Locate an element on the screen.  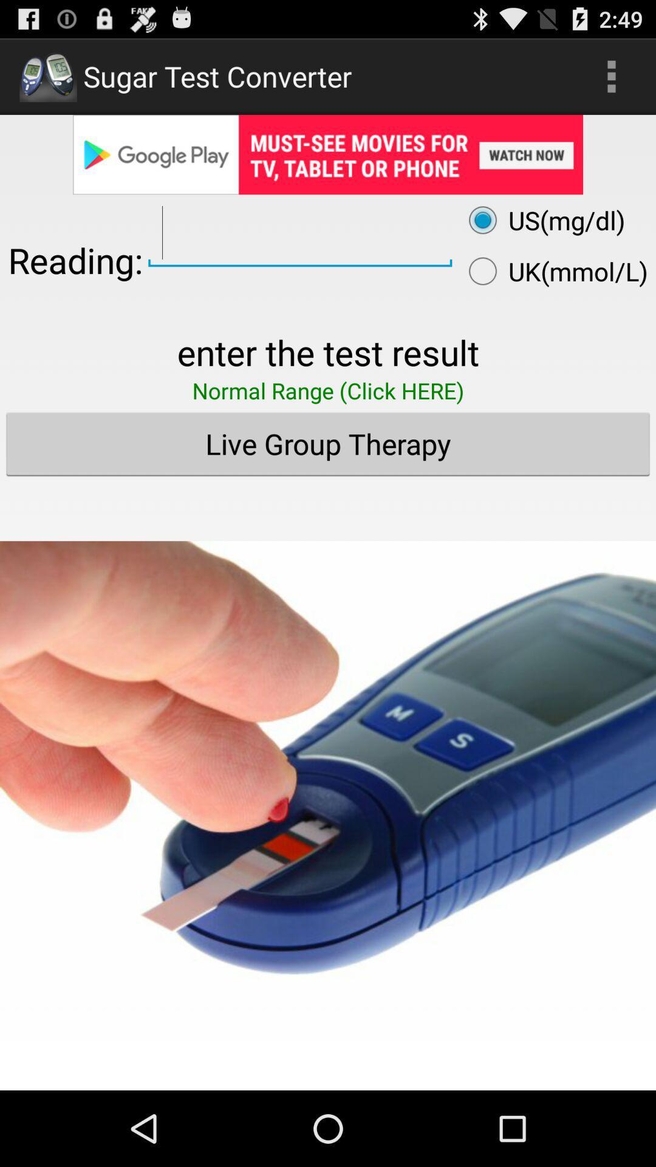
values is located at coordinates (300, 233).